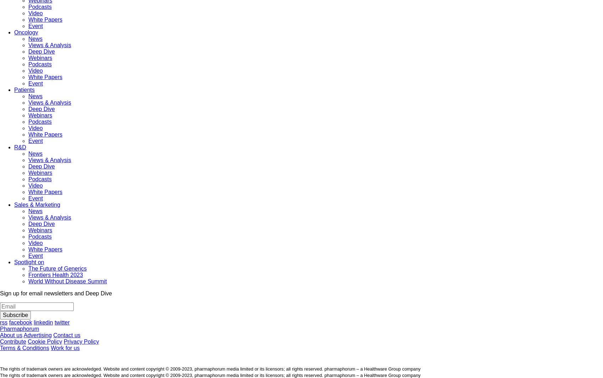 This screenshot has width=603, height=378. Describe the element at coordinates (43, 322) in the screenshot. I see `'linkedin'` at that location.